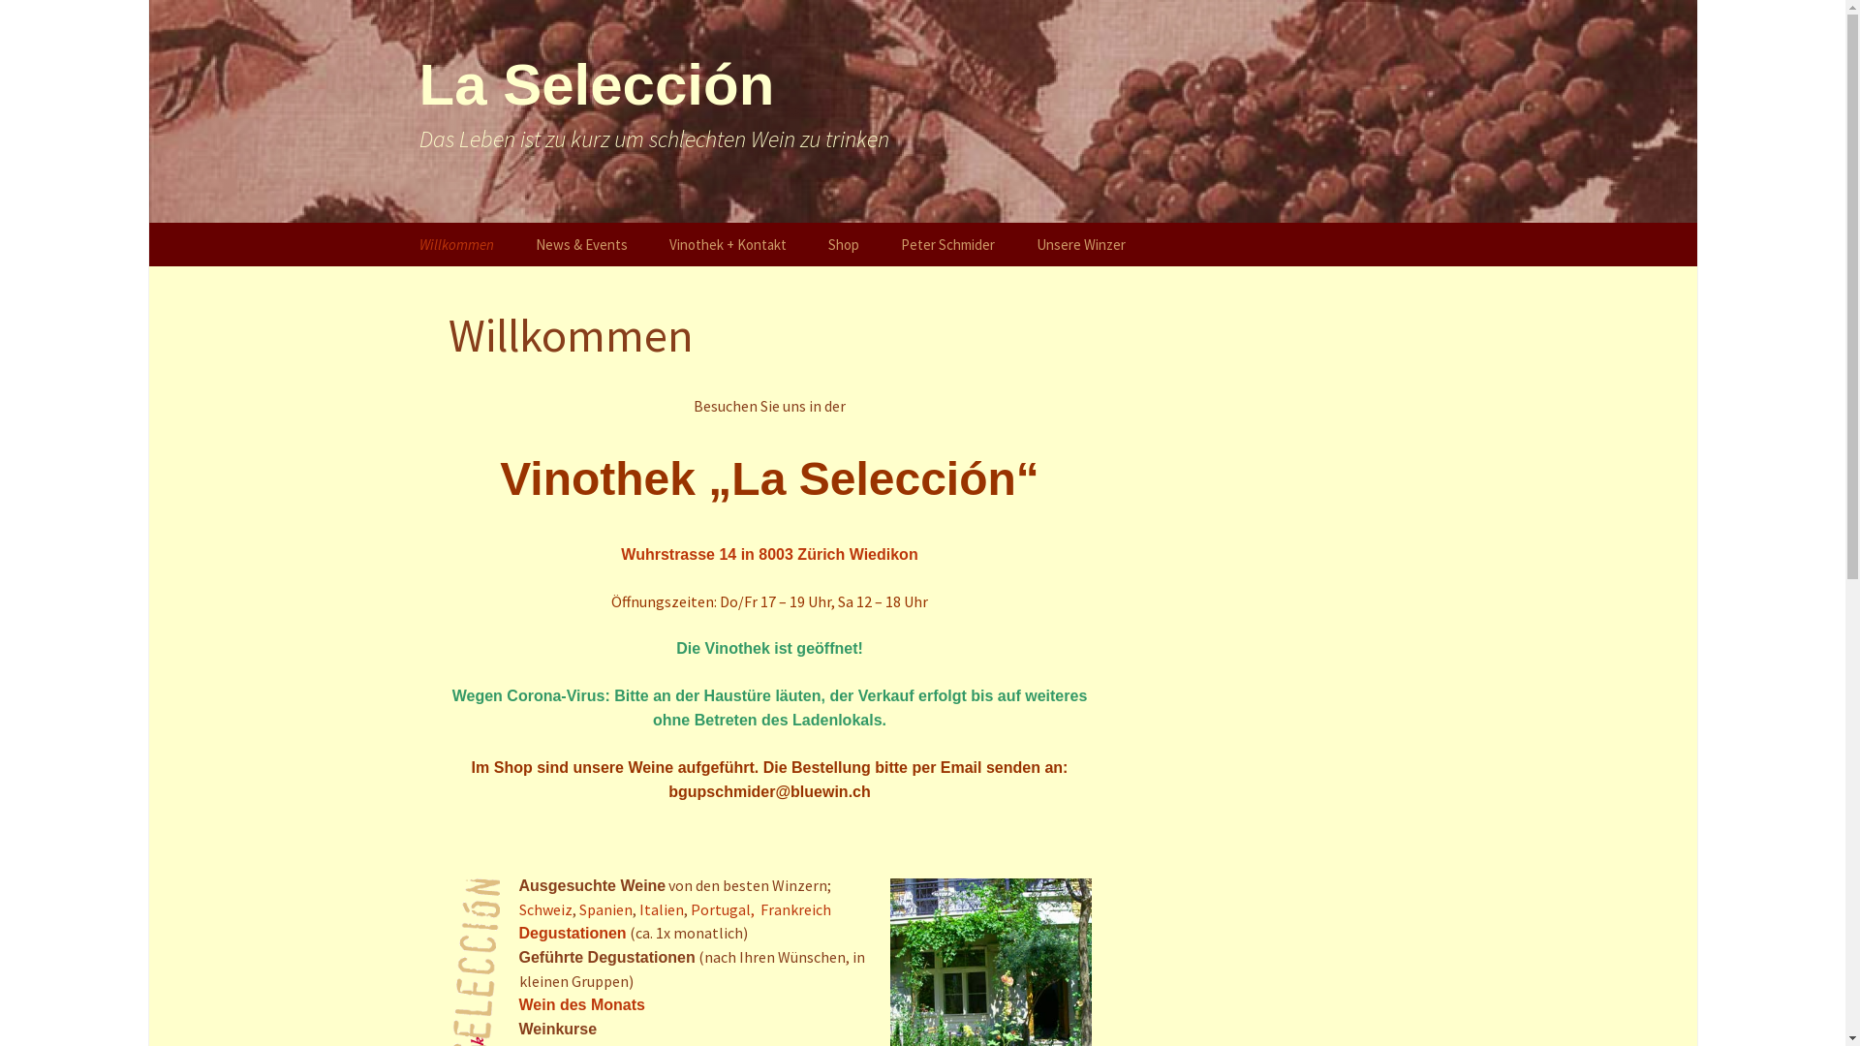 The width and height of the screenshot is (1860, 1046). I want to click on 'Schweiz', so click(544, 908).